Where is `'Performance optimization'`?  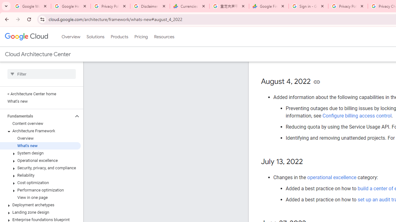 'Performance optimization' is located at coordinates (40, 190).